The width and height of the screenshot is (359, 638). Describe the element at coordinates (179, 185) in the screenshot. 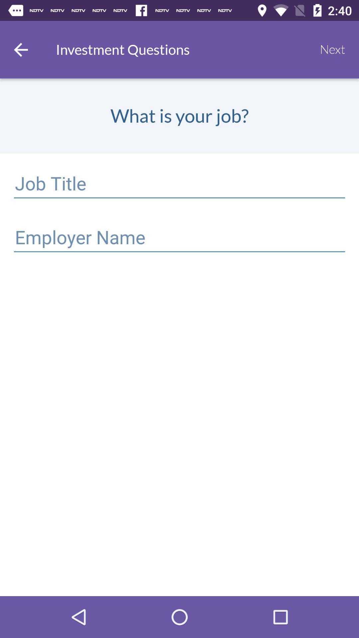

I see `type job title` at that location.